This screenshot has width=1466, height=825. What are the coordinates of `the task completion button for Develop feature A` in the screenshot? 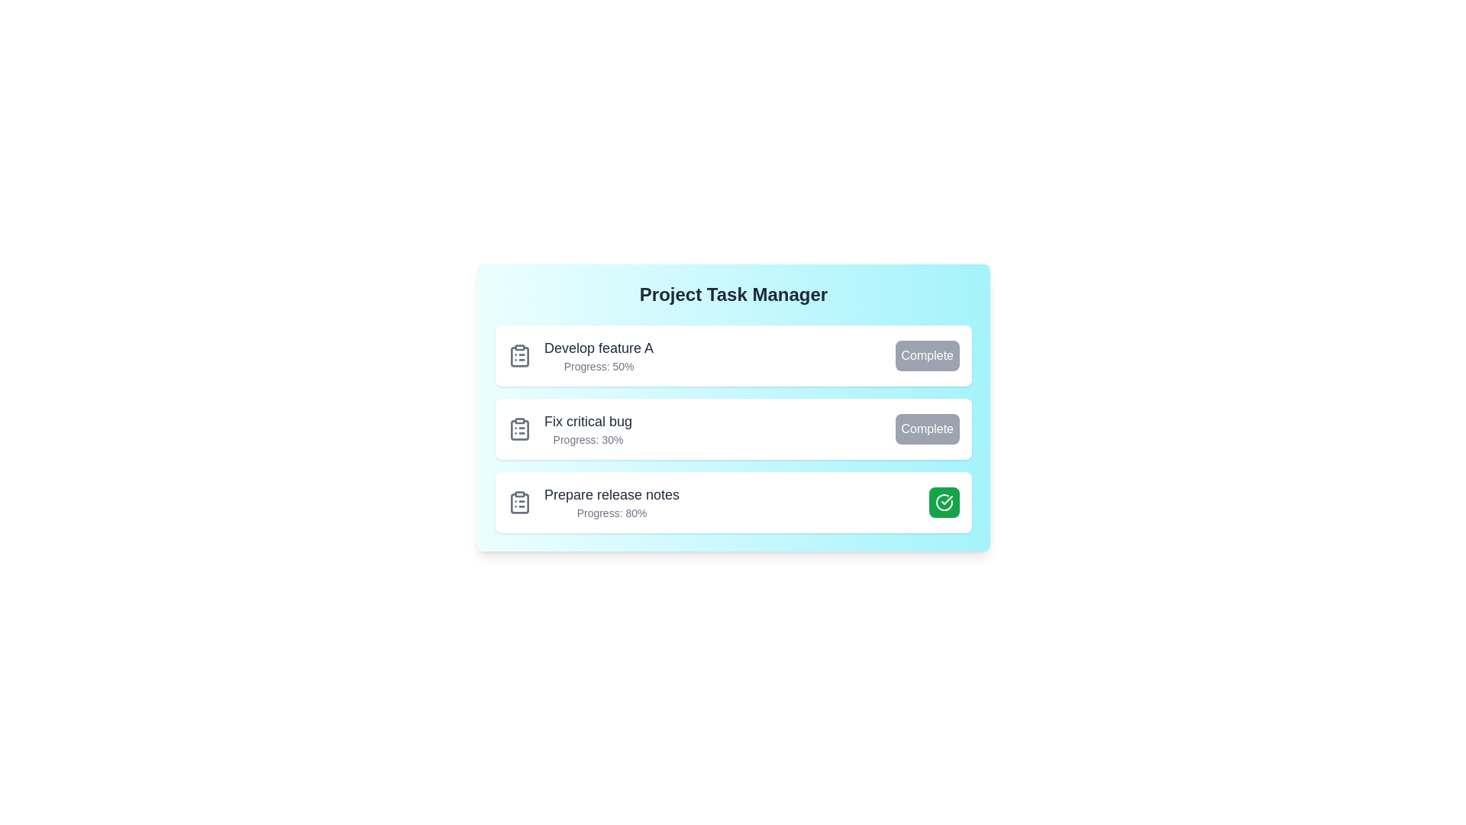 It's located at (926, 356).